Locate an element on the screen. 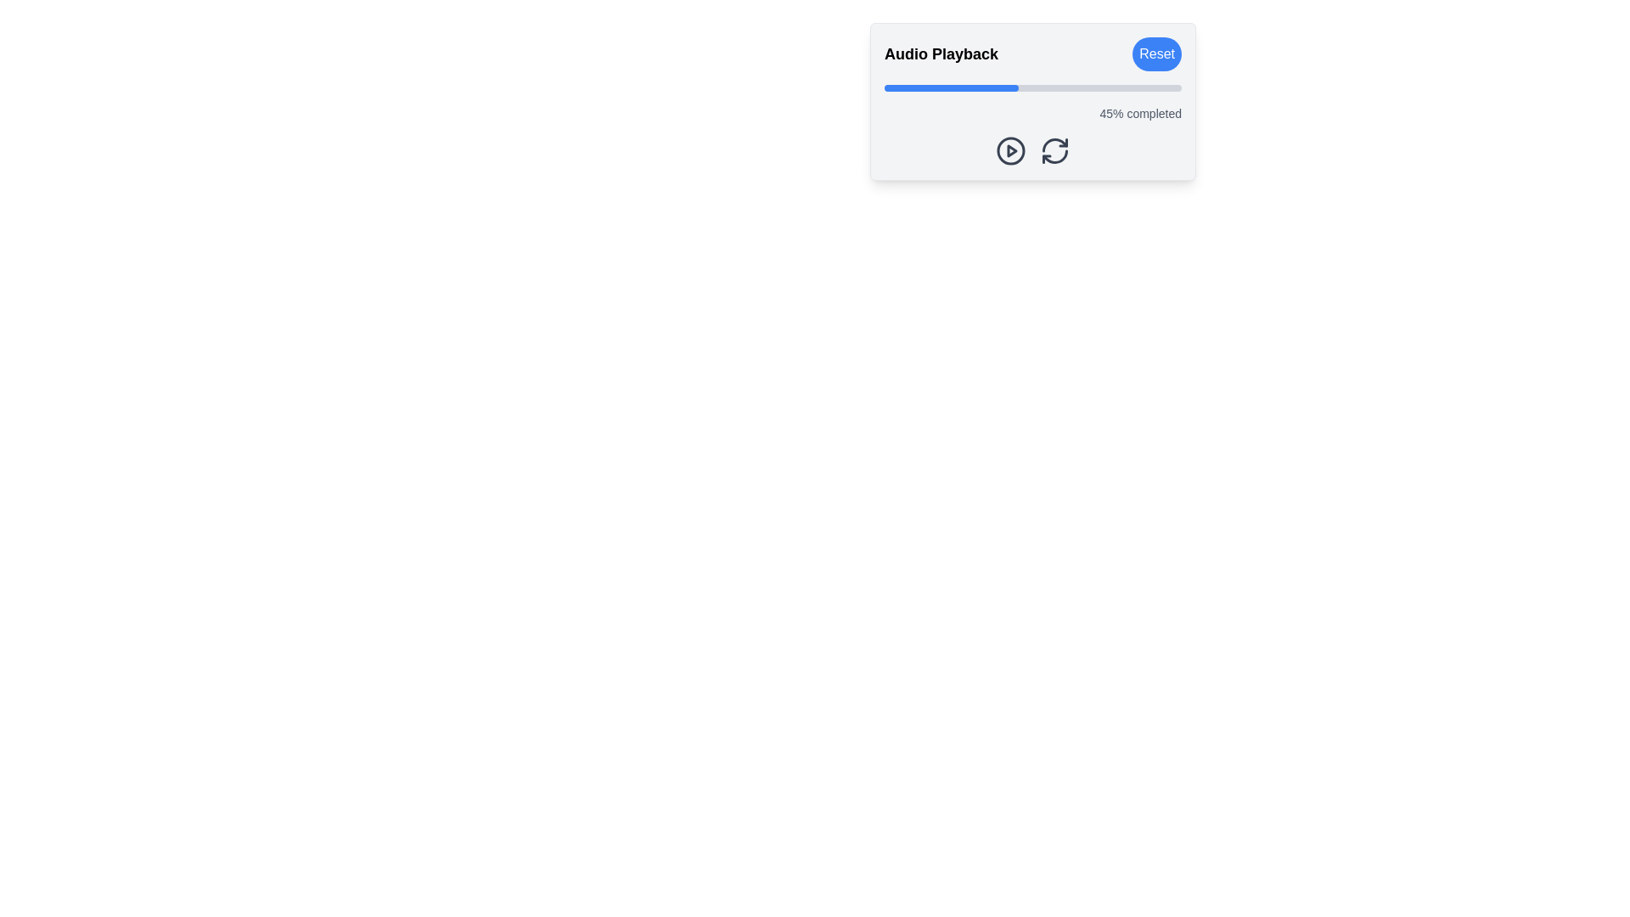 The height and width of the screenshot is (917, 1630). the triangular play icon, which is centered within the larger circular play button is located at coordinates (1012, 149).